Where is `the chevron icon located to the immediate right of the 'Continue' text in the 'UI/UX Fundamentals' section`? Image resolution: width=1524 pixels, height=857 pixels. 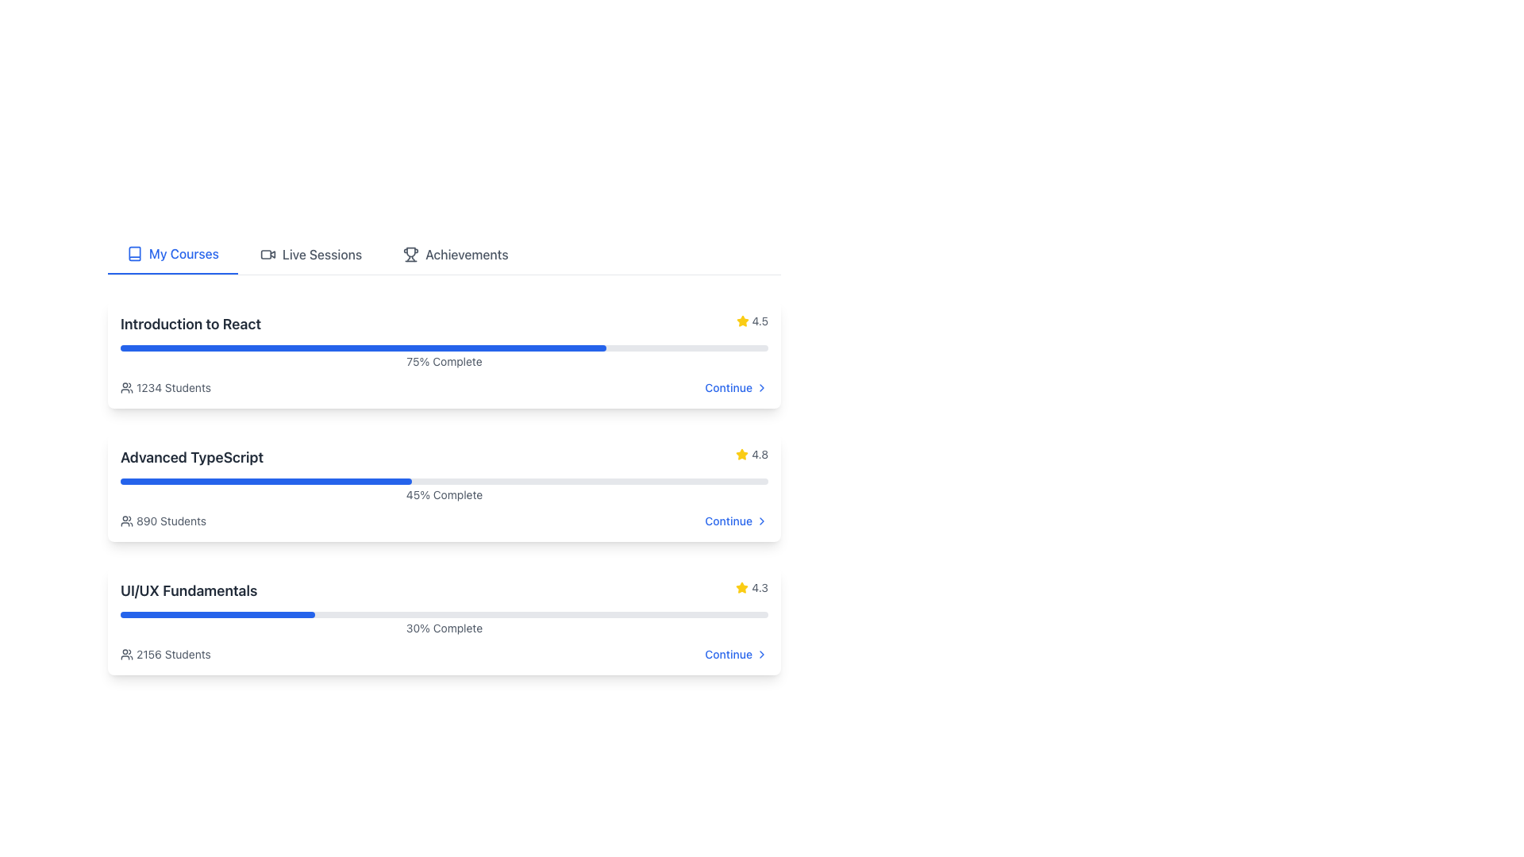 the chevron icon located to the immediate right of the 'Continue' text in the 'UI/UX Fundamentals' section is located at coordinates (762, 655).